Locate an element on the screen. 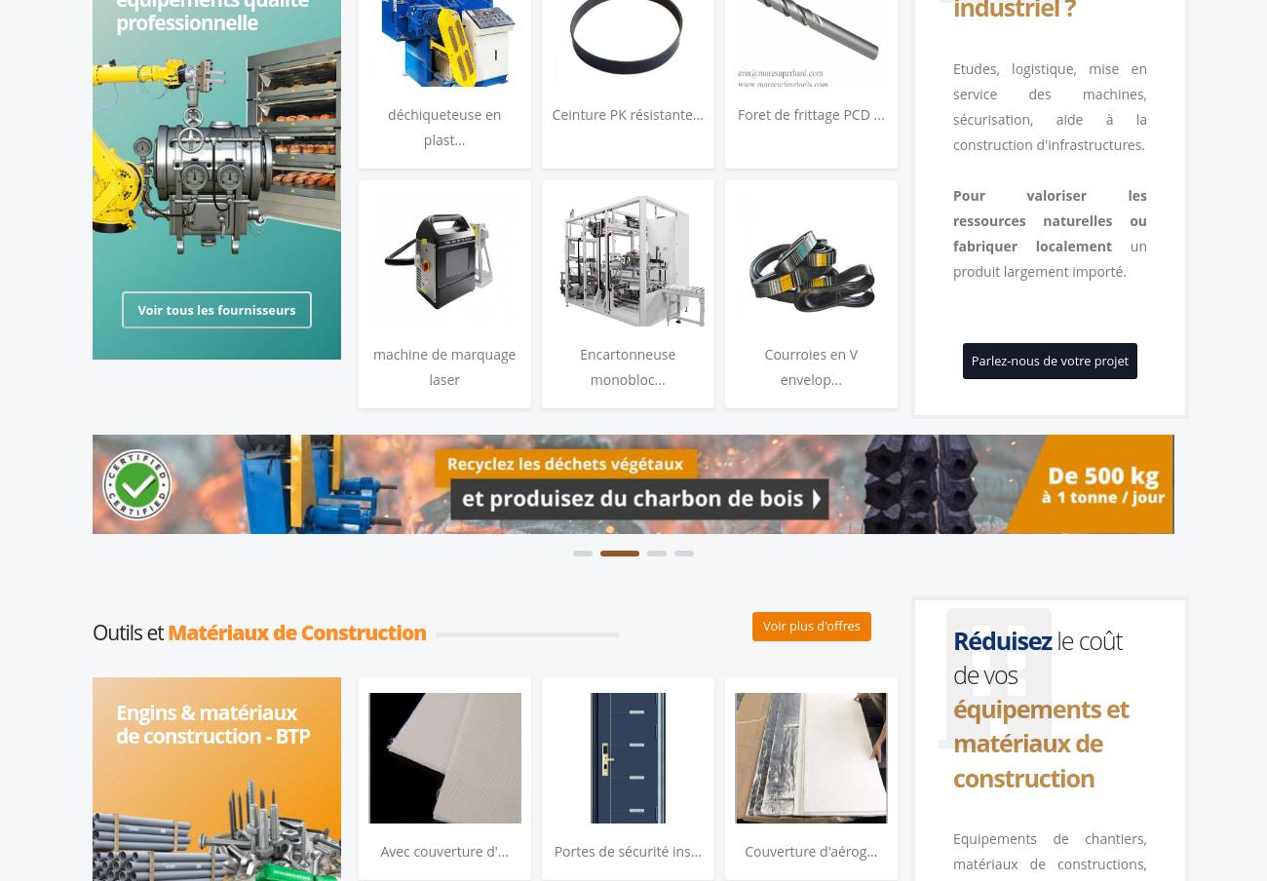 Image resolution: width=1267 pixels, height=881 pixels. 'Foret de frittage PCD ...' is located at coordinates (810, 113).